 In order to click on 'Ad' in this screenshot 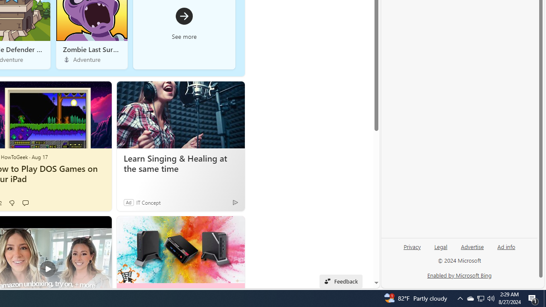, I will do `click(128, 202)`.